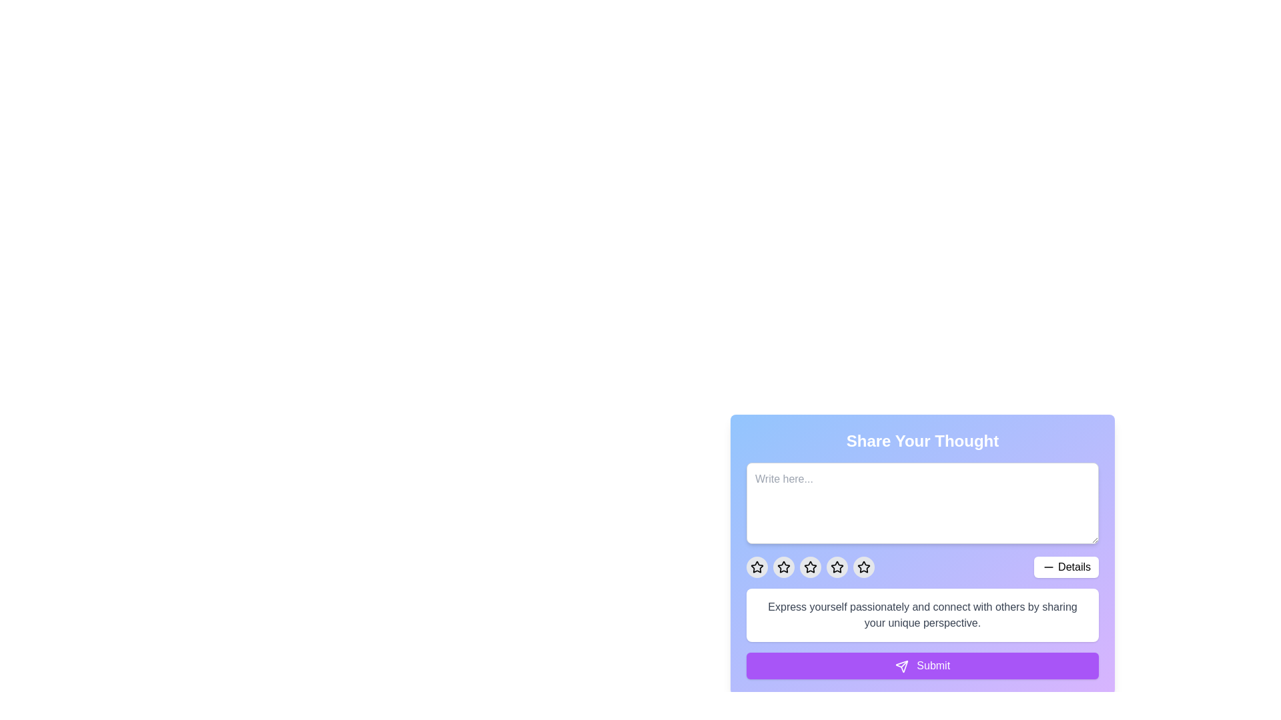 The height and width of the screenshot is (720, 1281). Describe the element at coordinates (757, 567) in the screenshot. I see `the first star-shaped rating icon in the rating widget` at that location.